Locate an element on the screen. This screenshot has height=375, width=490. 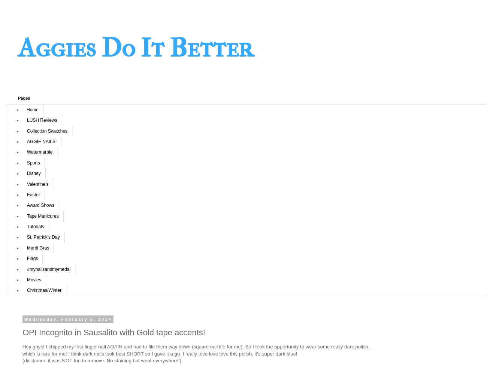
'#mynailsandmymedal' is located at coordinates (48, 269).